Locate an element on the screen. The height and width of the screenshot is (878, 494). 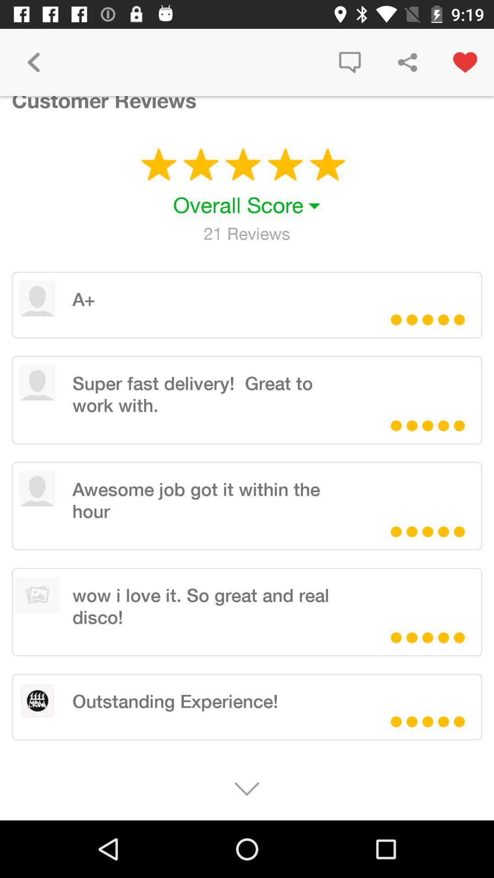
the icon above the customer reviews icon is located at coordinates (33, 62).